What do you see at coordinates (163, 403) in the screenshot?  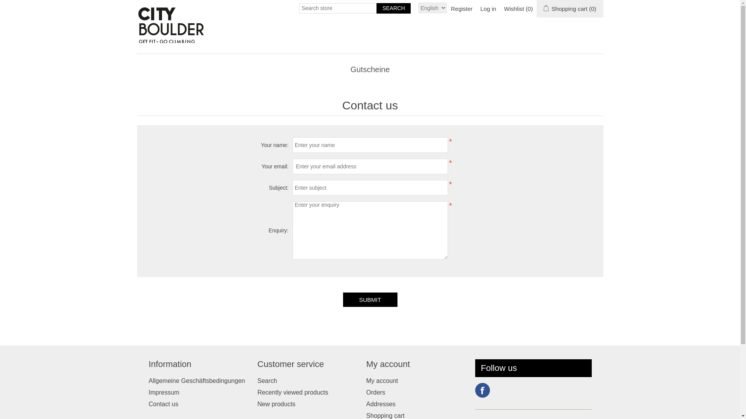 I see `'Contact us'` at bounding box center [163, 403].